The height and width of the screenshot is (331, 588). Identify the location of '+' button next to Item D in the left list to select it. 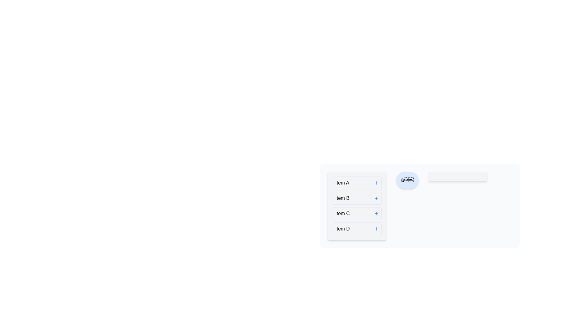
(376, 229).